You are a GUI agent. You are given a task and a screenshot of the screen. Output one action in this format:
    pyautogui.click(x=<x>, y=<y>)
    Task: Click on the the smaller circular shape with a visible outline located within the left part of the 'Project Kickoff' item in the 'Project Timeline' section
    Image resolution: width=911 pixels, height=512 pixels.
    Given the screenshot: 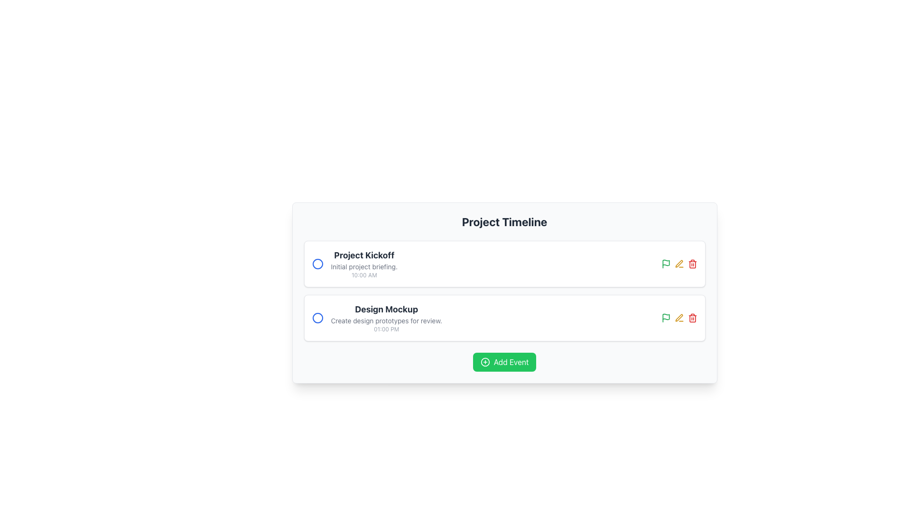 What is the action you would take?
    pyautogui.click(x=317, y=264)
    